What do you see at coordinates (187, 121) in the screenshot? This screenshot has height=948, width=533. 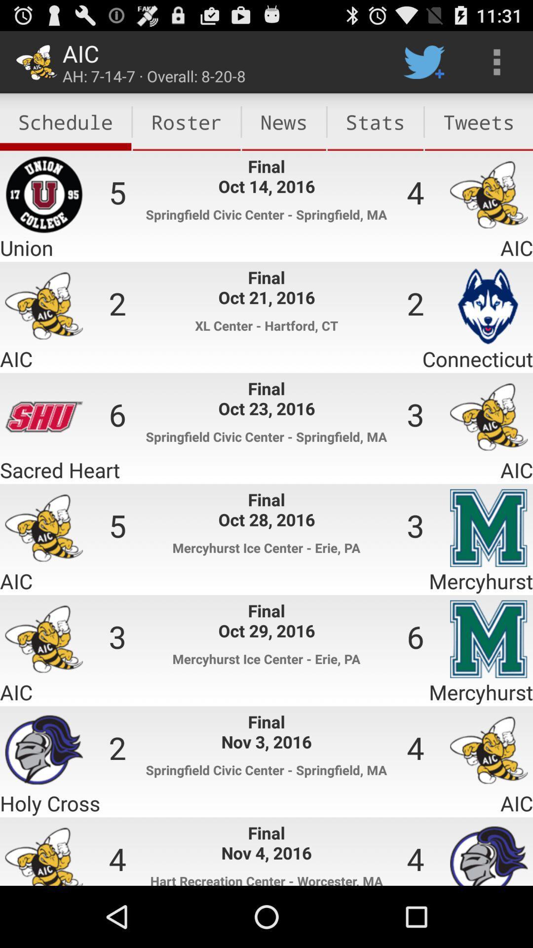 I see `the app below the ah 7 14 item` at bounding box center [187, 121].